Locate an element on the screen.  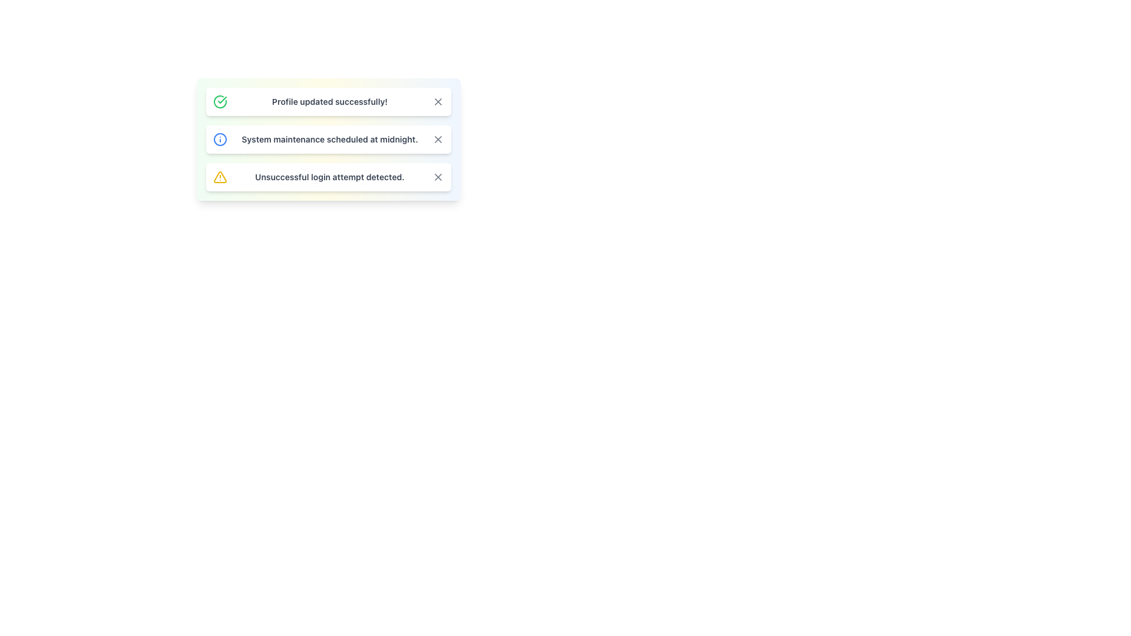
the warning icon located on the left of the notification panel indicating an unsuccessful login attempt, adjacent to the message 'Unsuccessful login attempt detected.' is located at coordinates (220, 177).